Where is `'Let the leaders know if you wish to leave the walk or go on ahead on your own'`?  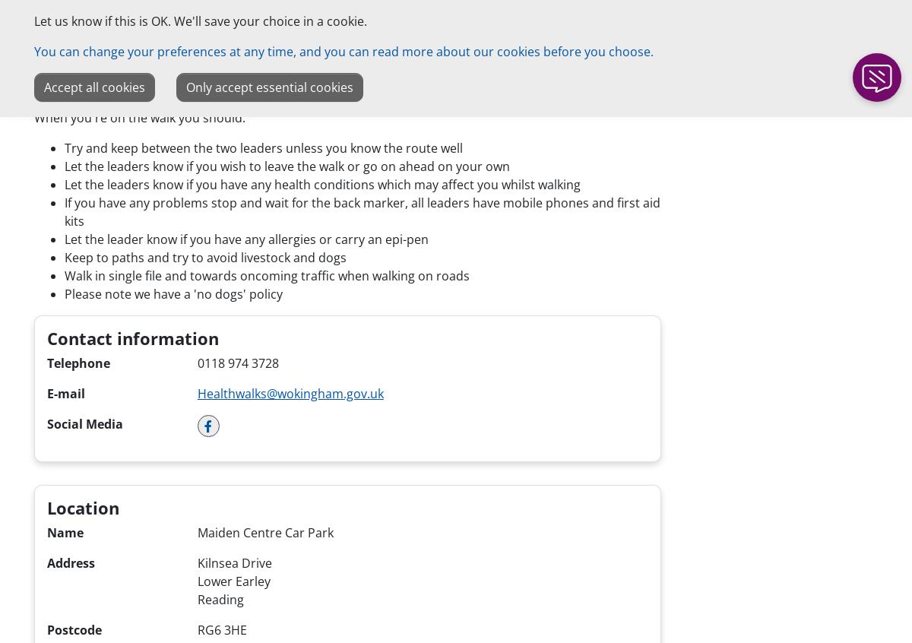 'Let the leaders know if you wish to leave the walk or go on ahead on your own' is located at coordinates (287, 166).